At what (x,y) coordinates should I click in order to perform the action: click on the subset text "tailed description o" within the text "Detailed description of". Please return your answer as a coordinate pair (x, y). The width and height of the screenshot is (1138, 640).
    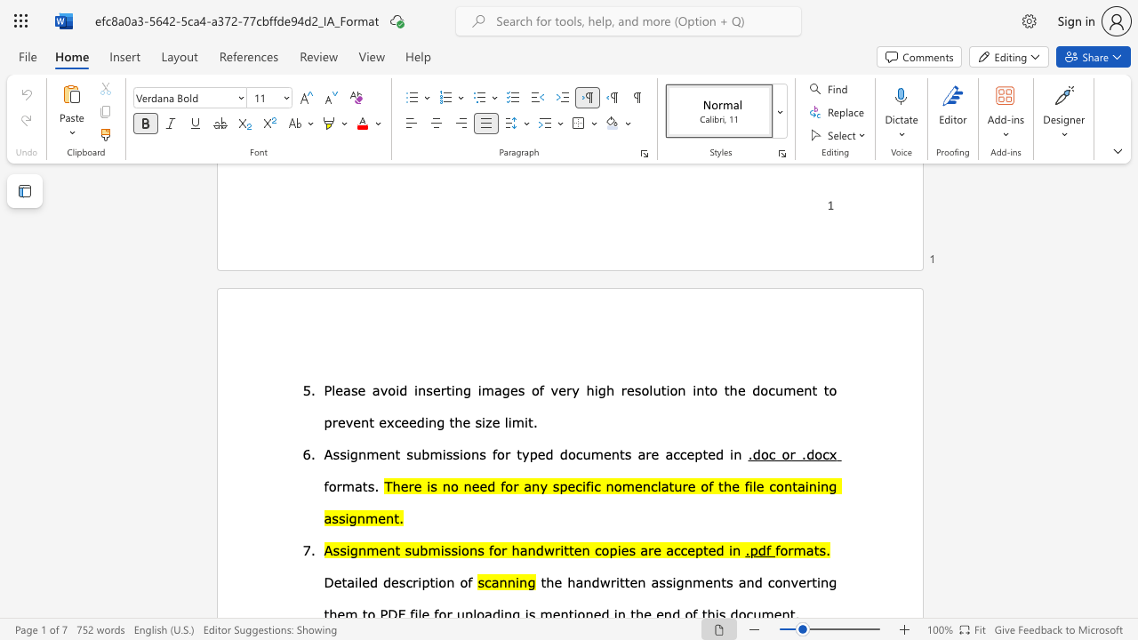
    Looking at the image, I should click on (341, 581).